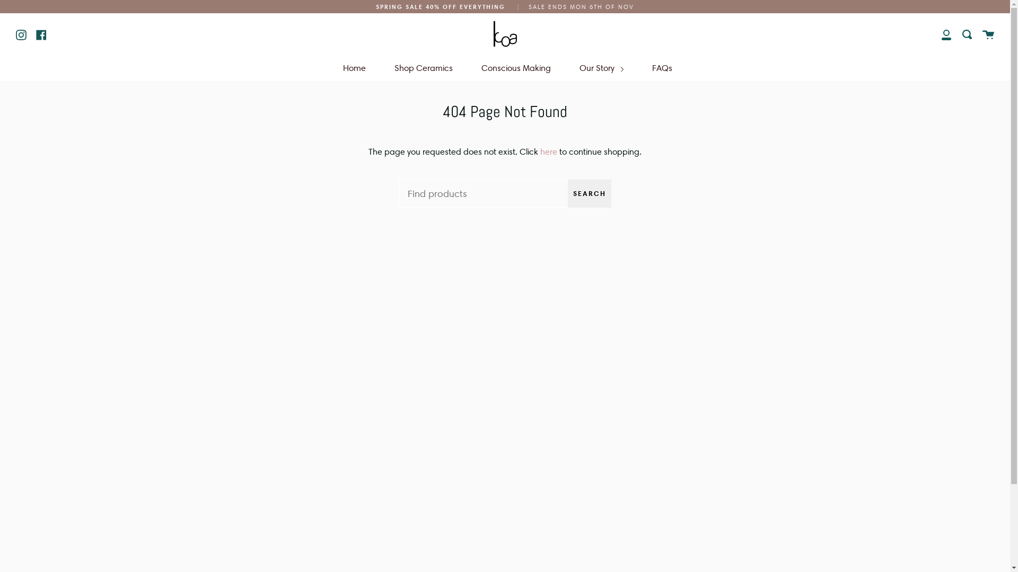  What do you see at coordinates (987, 33) in the screenshot?
I see `'Cart'` at bounding box center [987, 33].